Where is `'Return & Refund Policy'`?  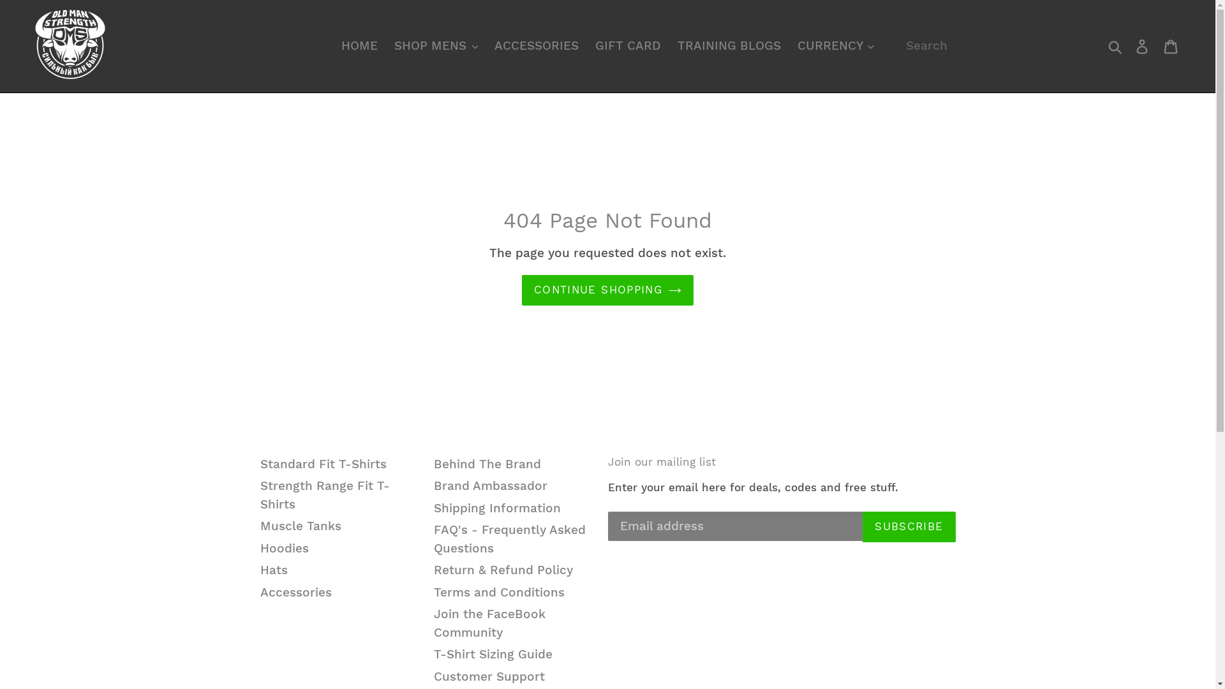
'Return & Refund Policy' is located at coordinates (502, 569).